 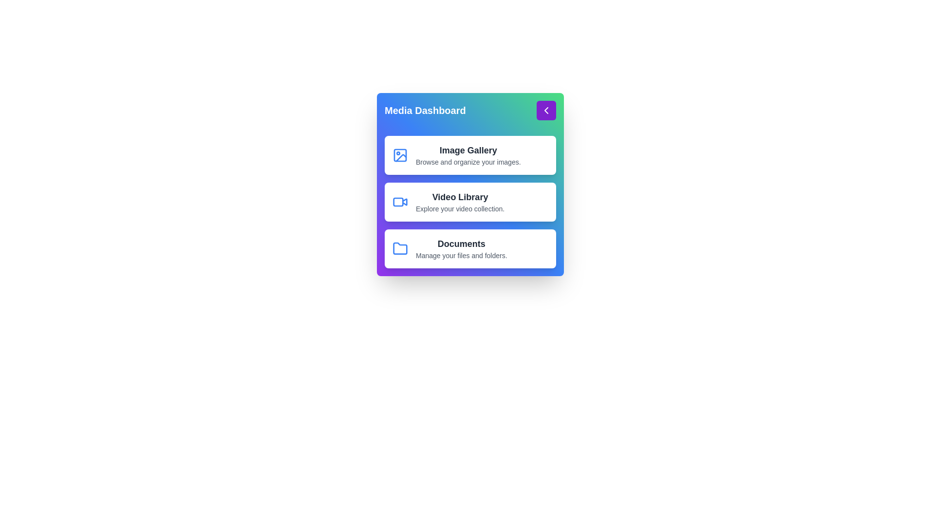 What do you see at coordinates (400, 202) in the screenshot?
I see `the icon of the media gallery corresponding to Video Library` at bounding box center [400, 202].